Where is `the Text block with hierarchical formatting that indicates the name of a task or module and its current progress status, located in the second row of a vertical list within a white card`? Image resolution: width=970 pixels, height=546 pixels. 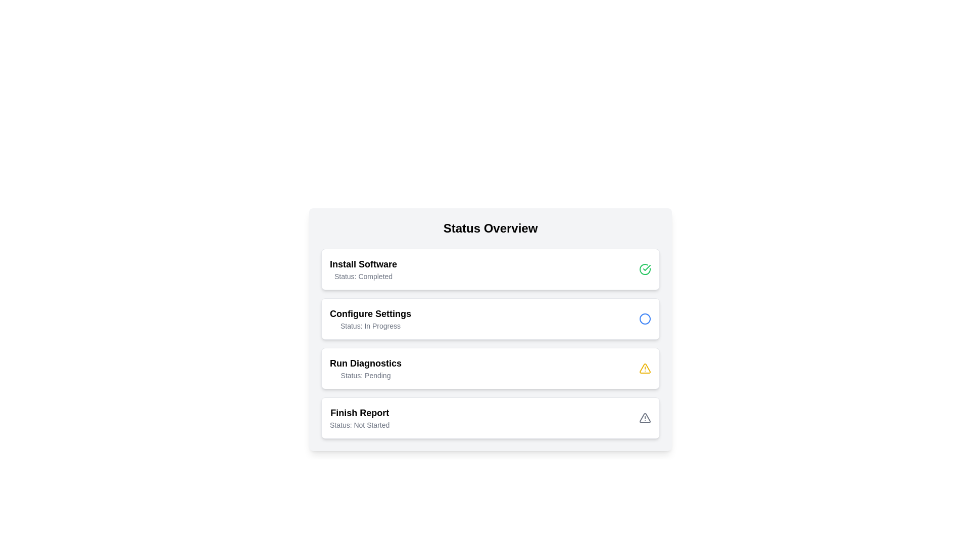
the Text block with hierarchical formatting that indicates the name of a task or module and its current progress status, located in the second row of a vertical list within a white card is located at coordinates (370, 319).